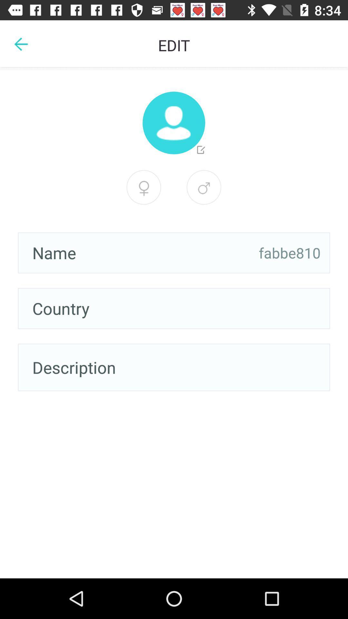 This screenshot has height=619, width=348. I want to click on choose male gender, so click(204, 187).